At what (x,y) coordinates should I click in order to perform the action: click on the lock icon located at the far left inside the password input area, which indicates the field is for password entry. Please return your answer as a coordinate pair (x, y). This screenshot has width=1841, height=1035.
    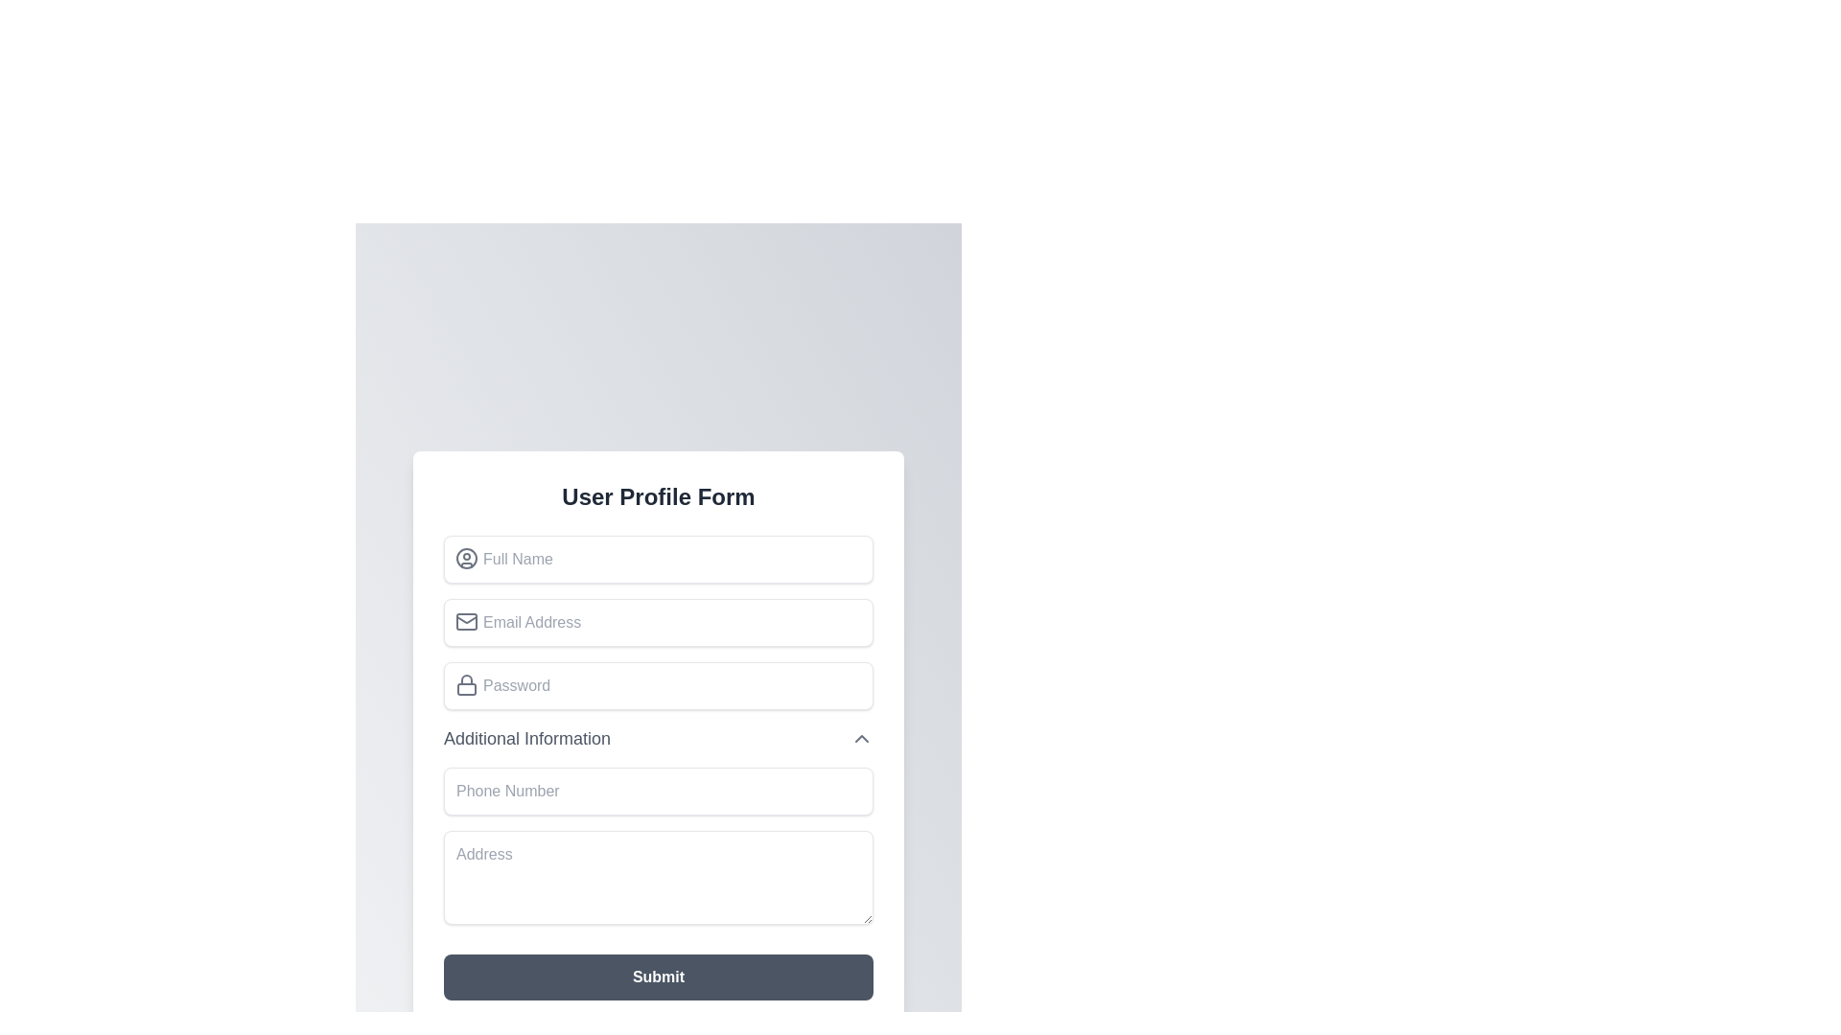
    Looking at the image, I should click on (466, 682).